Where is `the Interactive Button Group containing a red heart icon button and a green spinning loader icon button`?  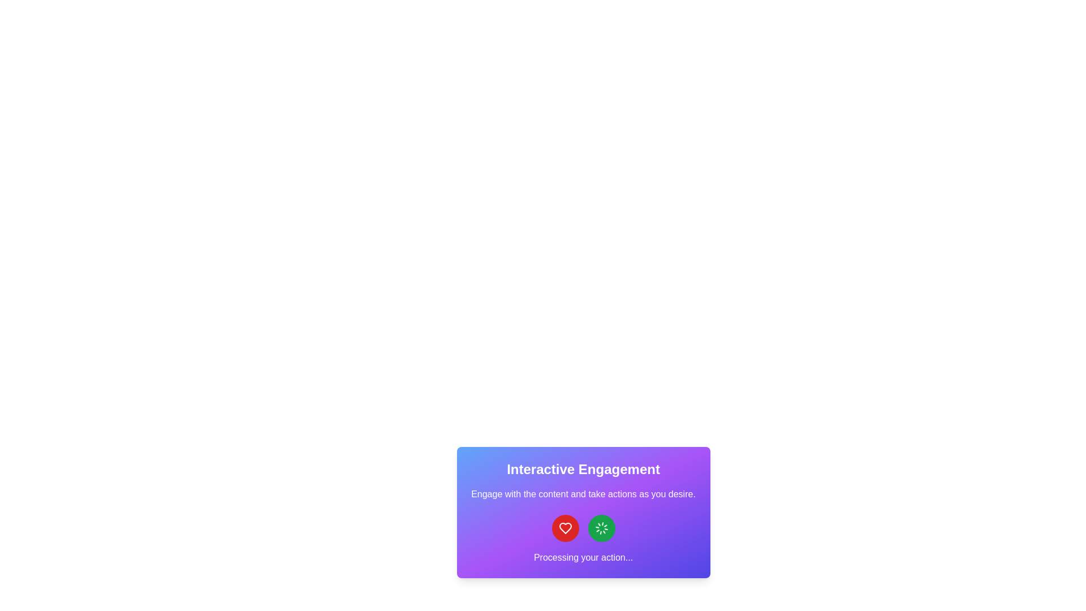
the Interactive Button Group containing a red heart icon button and a green spinning loader icon button is located at coordinates (583, 528).